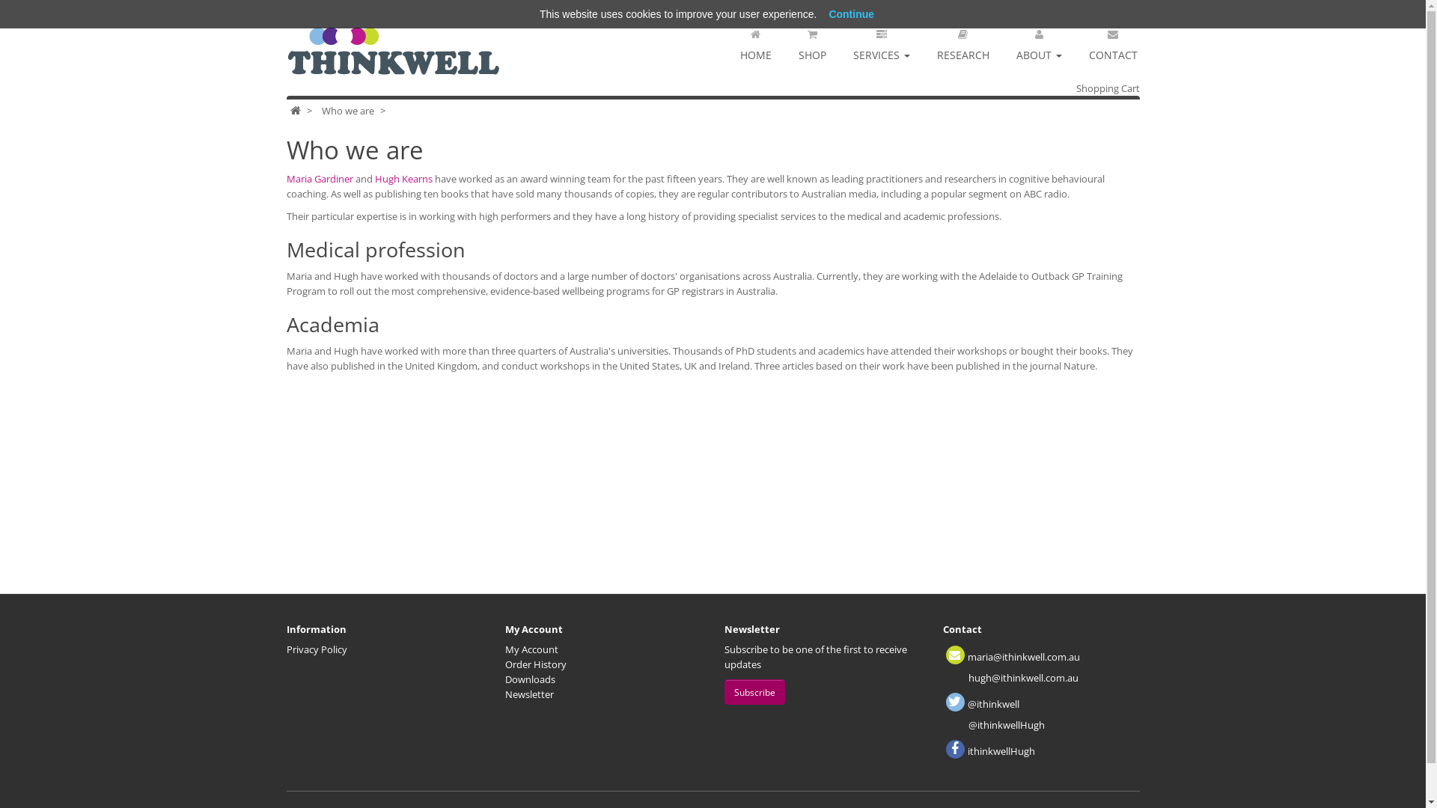 This screenshot has height=808, width=1437. What do you see at coordinates (1076, 88) in the screenshot?
I see `'Shopping Cart'` at bounding box center [1076, 88].